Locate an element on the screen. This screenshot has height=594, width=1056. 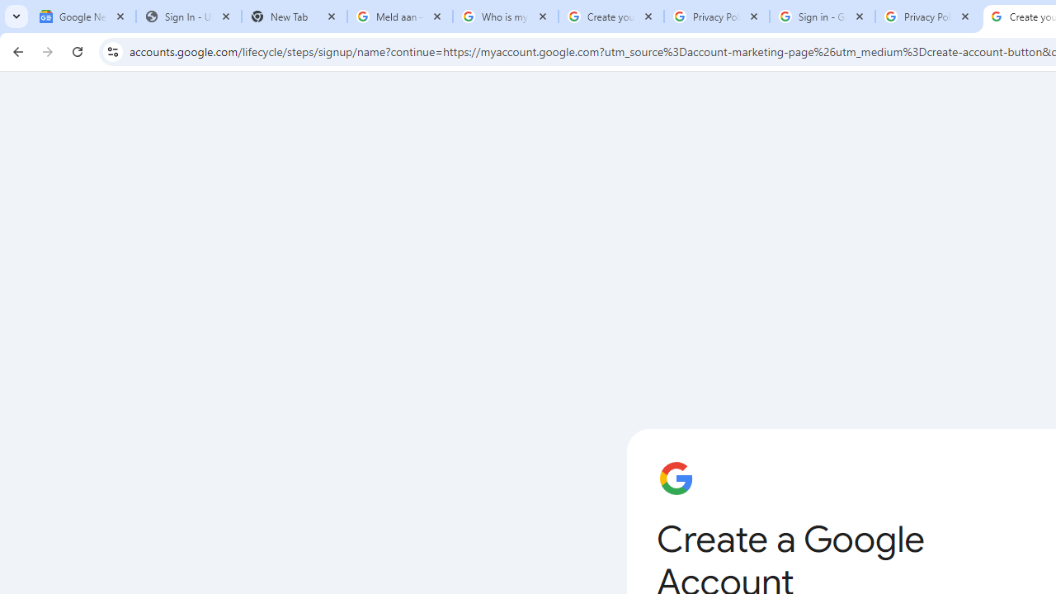
'Create your Google Account' is located at coordinates (610, 16).